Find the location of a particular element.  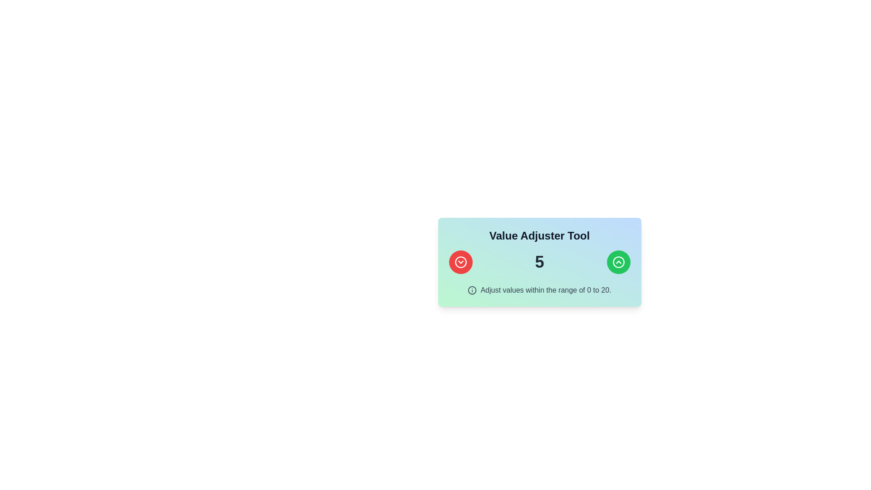

the decrease value button located in the leftmost position of the Value Adjuster Tool interface, adjacent to a centered numeric value and a green circular button is located at coordinates (460, 262).